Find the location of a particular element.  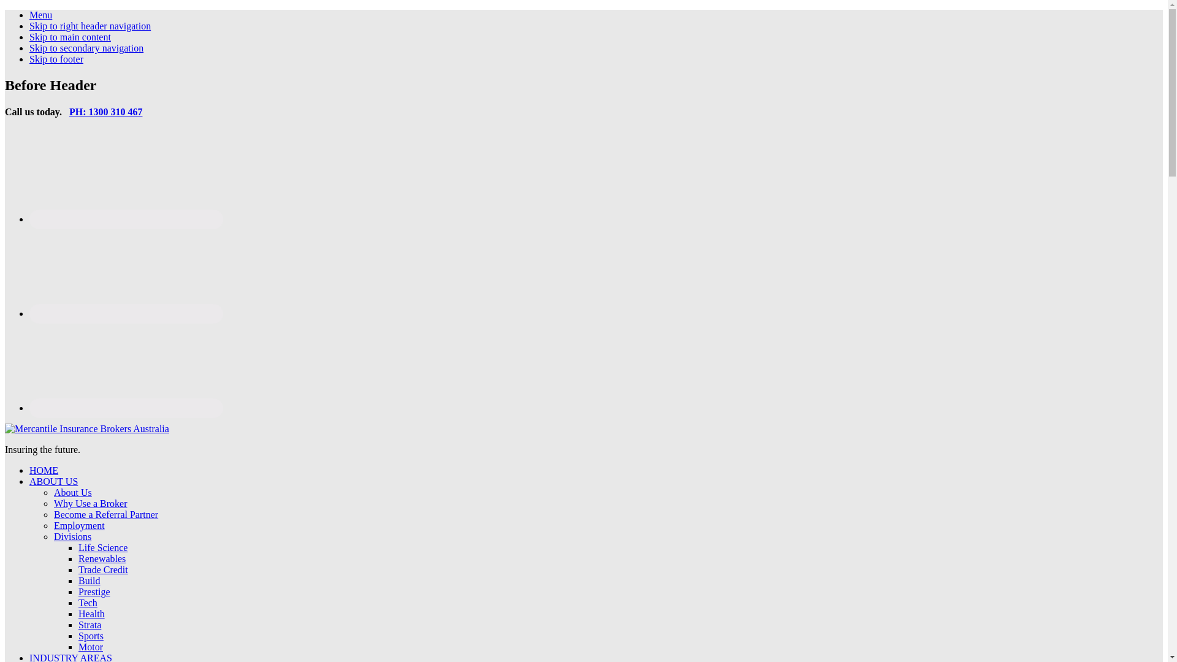

'Become a Referral Partner' is located at coordinates (53, 514).